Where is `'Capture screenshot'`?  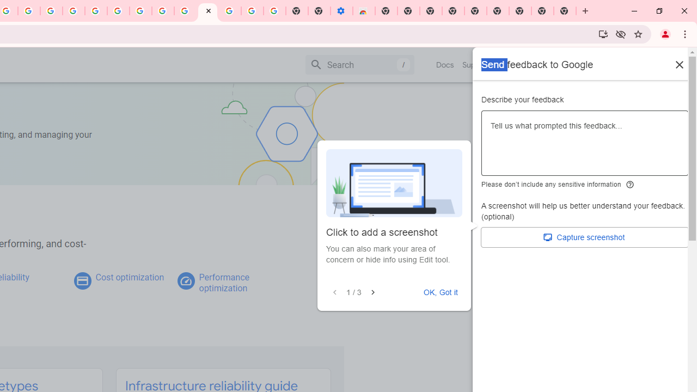
'Capture screenshot' is located at coordinates (584, 237).